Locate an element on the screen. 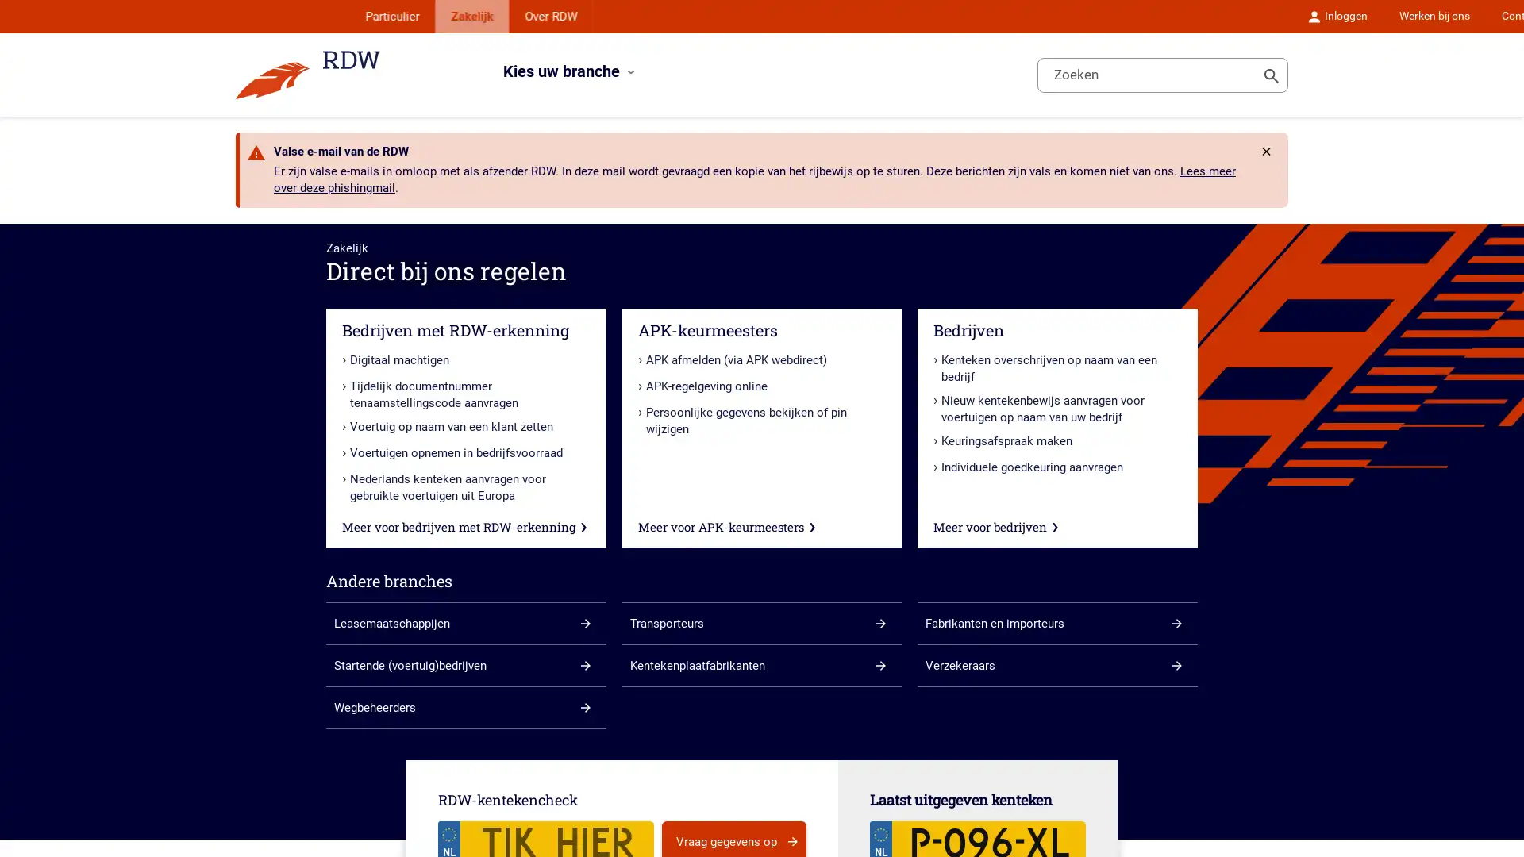  Toon zoeken is located at coordinates (1271, 75).